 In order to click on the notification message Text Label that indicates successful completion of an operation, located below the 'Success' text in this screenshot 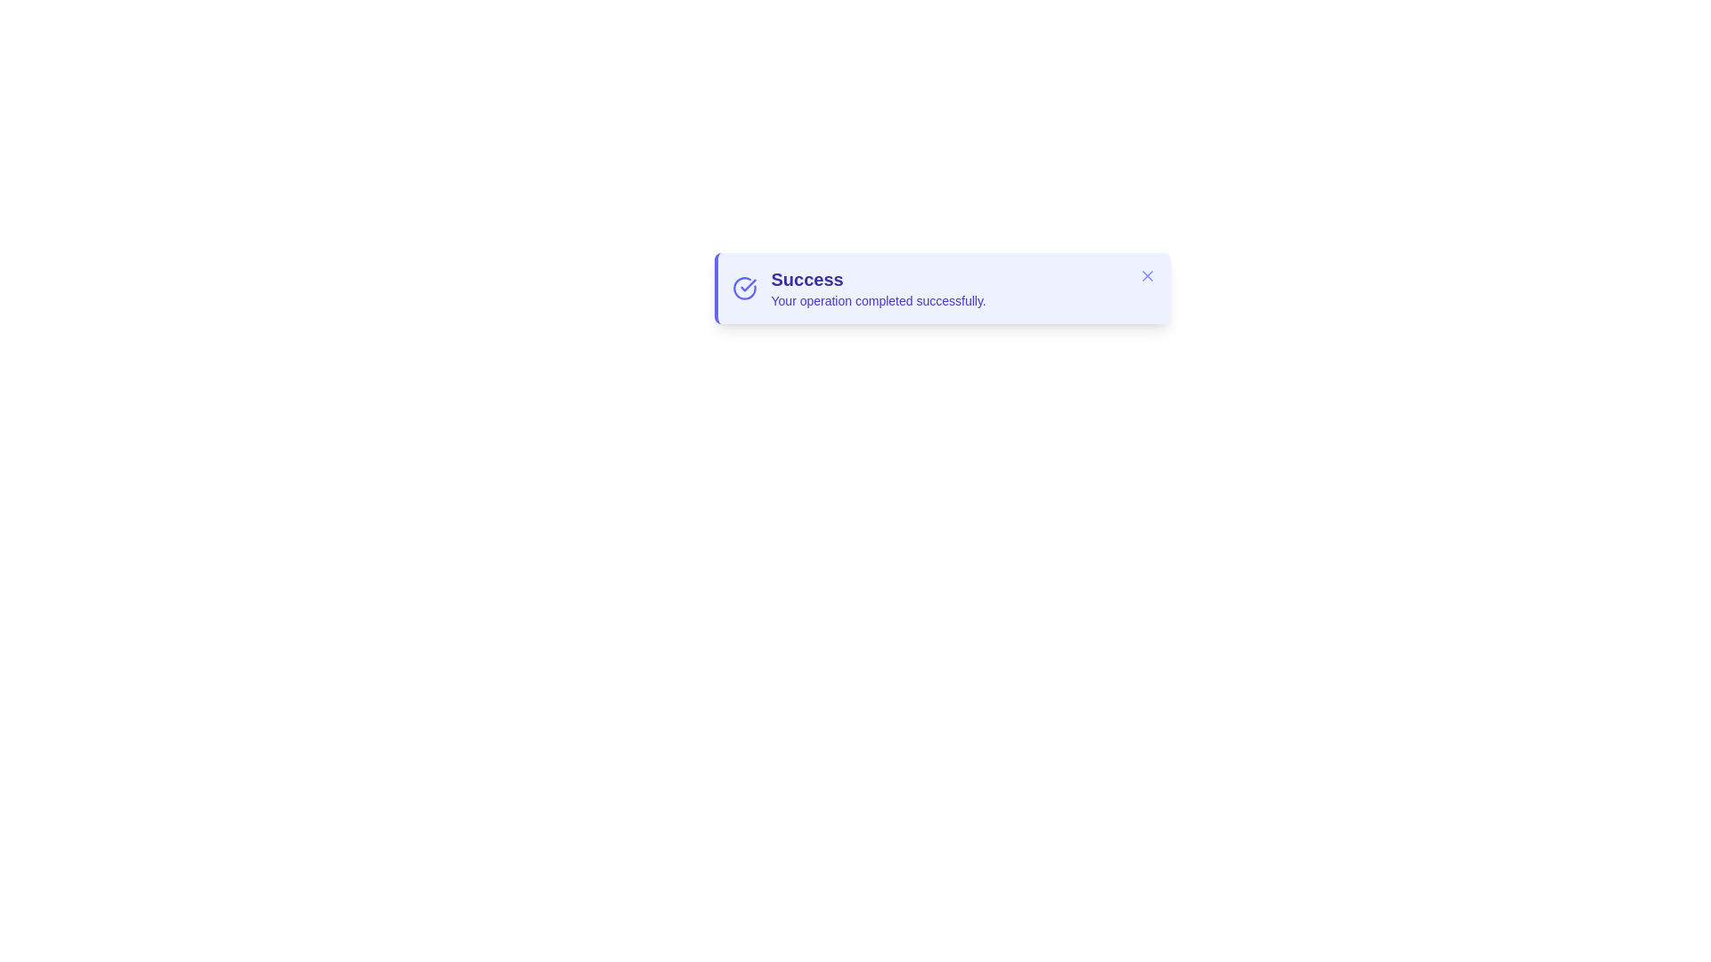, I will do `click(879, 300)`.